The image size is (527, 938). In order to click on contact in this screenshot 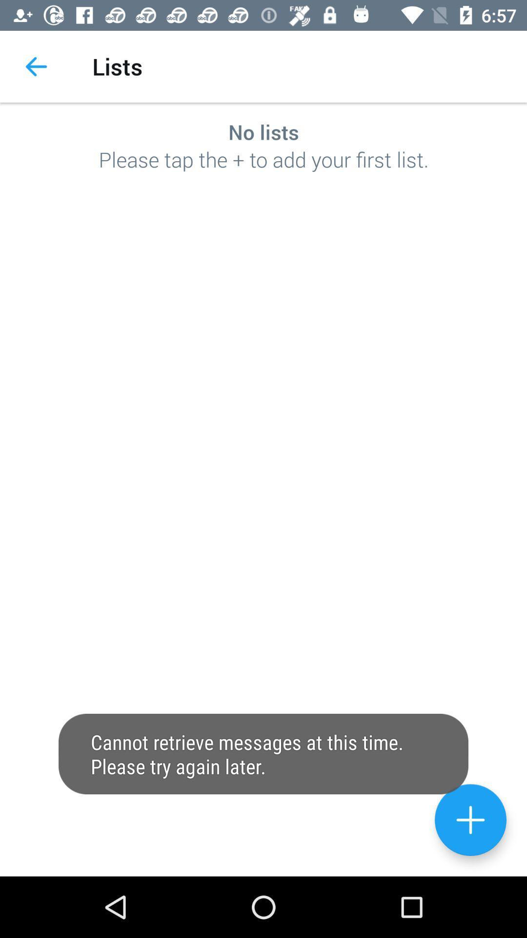, I will do `click(470, 820)`.